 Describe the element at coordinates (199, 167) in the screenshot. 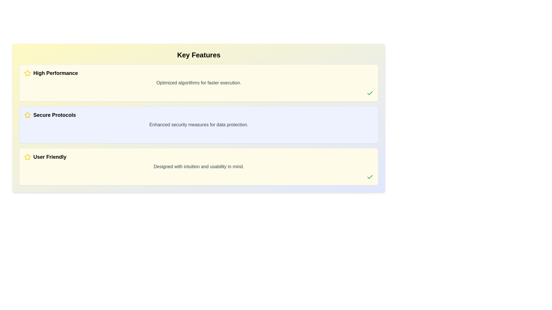

I see `the description text of User Friendly to select it` at that location.